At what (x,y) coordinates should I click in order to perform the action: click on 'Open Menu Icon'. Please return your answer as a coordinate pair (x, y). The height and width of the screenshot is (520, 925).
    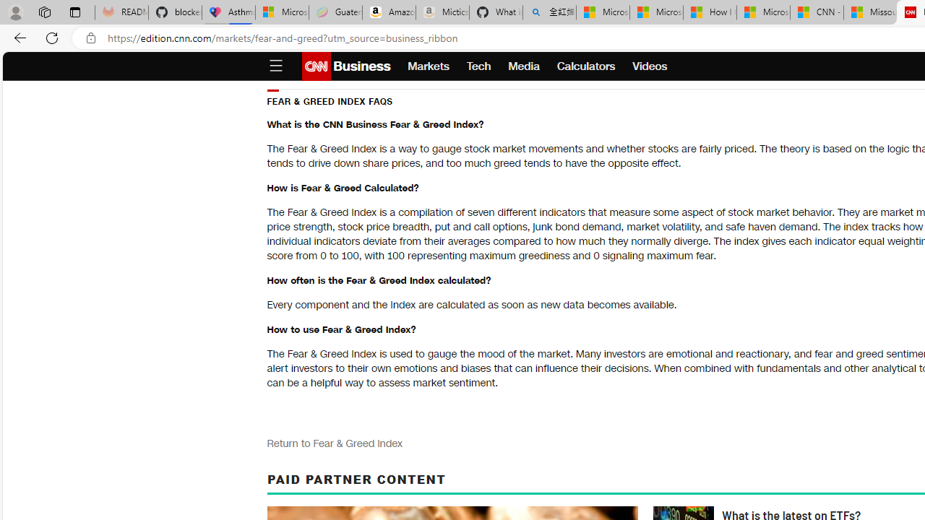
    Looking at the image, I should click on (275, 66).